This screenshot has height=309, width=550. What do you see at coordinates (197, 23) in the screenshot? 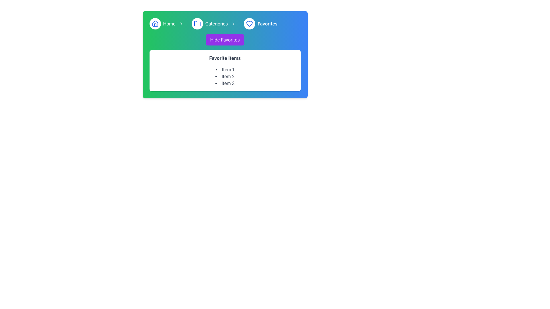
I see `the folder icon located in the navigation header, positioned between the 'Home' and 'Favorites' icons` at bounding box center [197, 23].